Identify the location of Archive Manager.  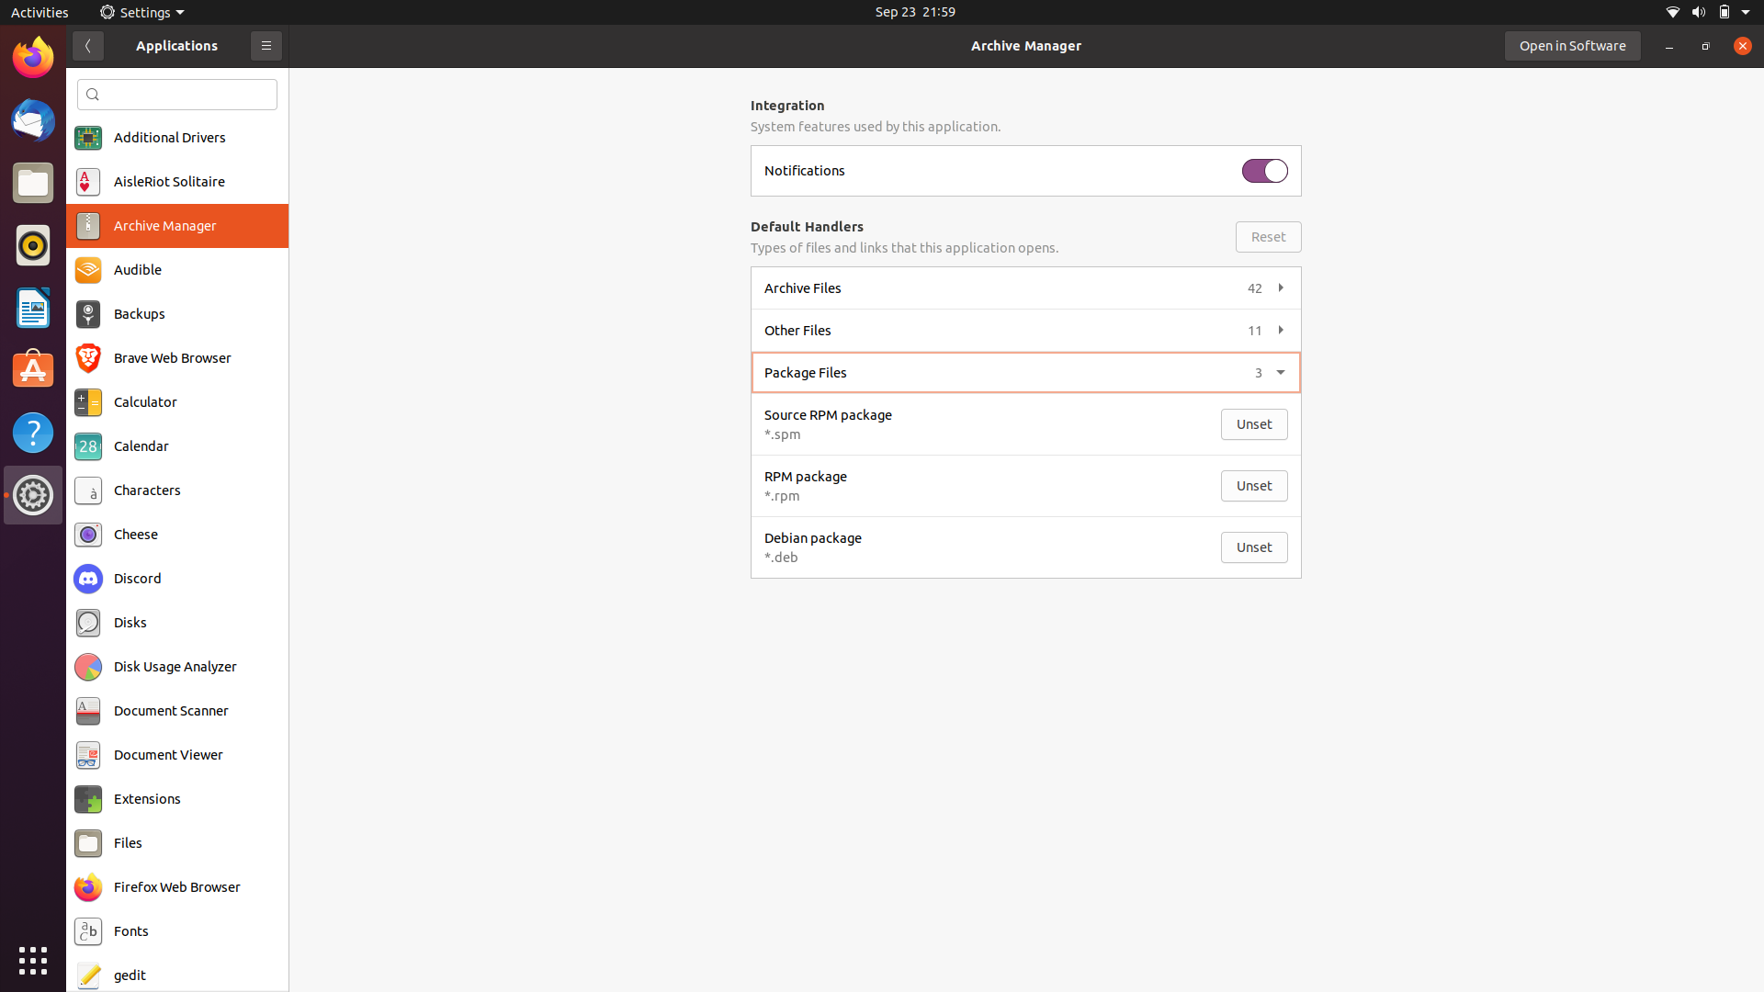
(176, 225).